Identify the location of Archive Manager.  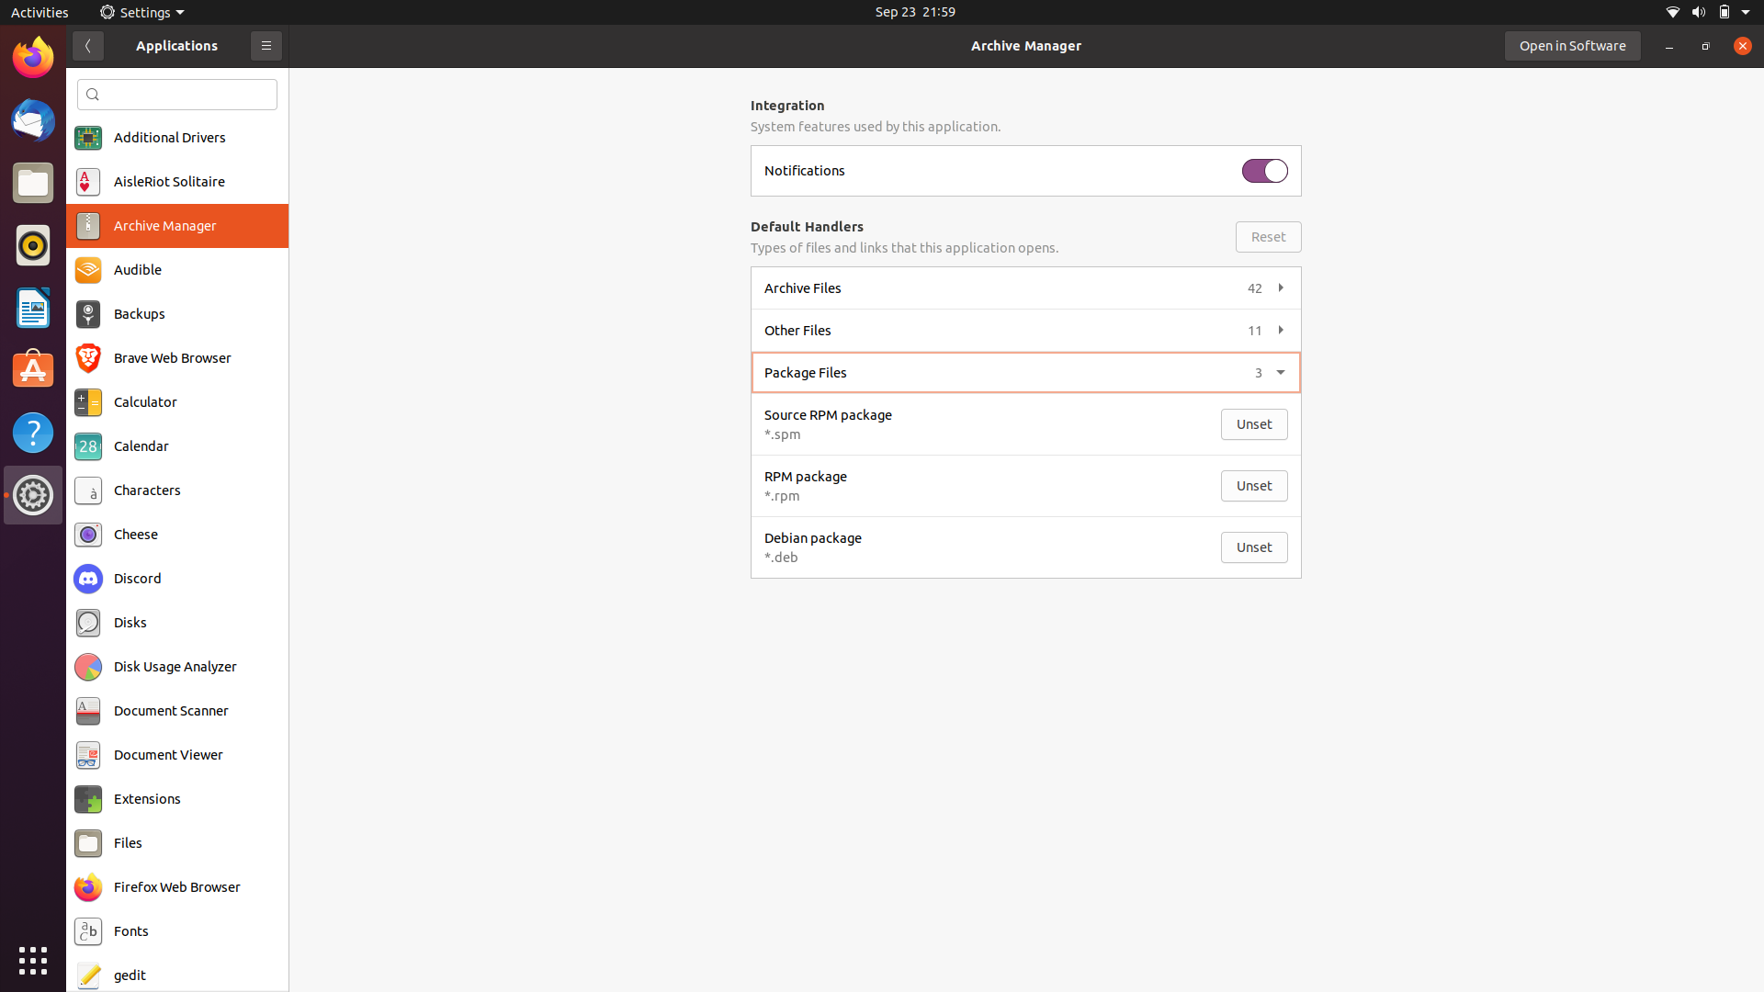
(176, 225).